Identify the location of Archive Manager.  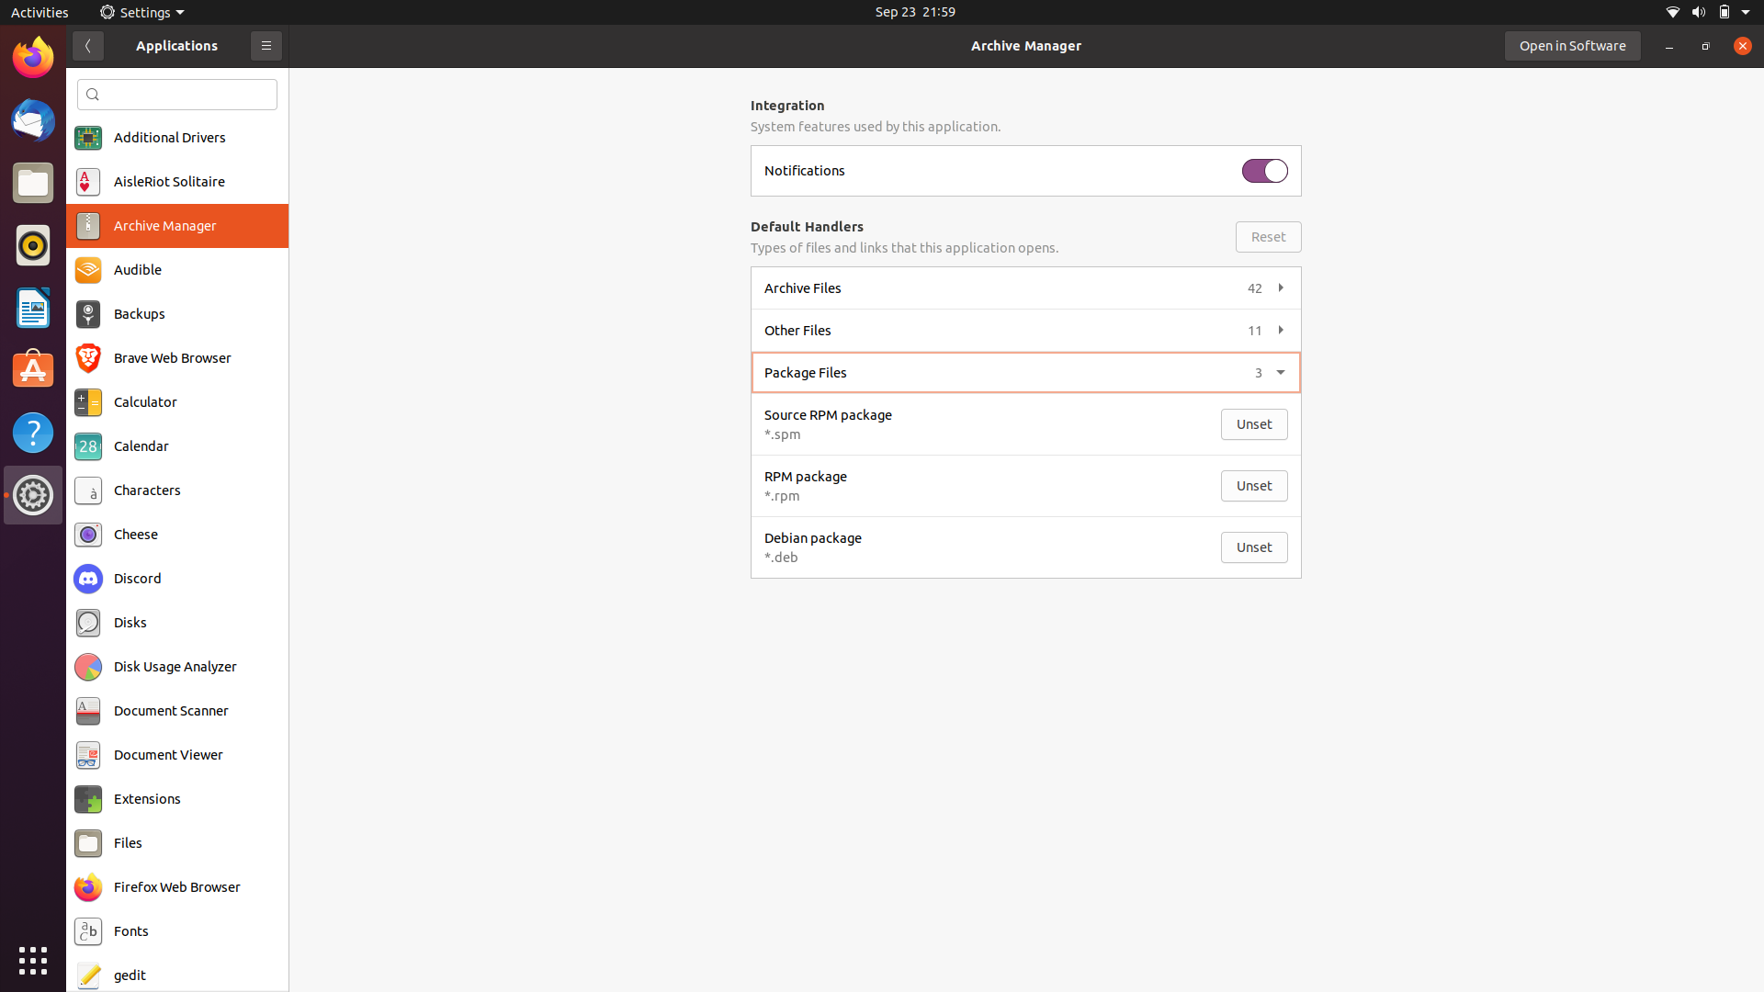
(176, 225).